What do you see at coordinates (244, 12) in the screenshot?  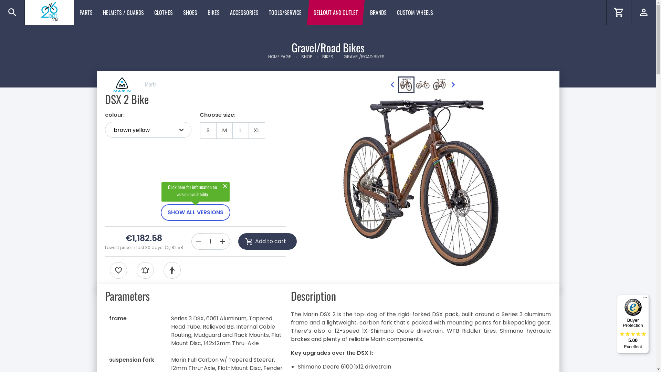 I see `'ACCESSORIES'` at bounding box center [244, 12].